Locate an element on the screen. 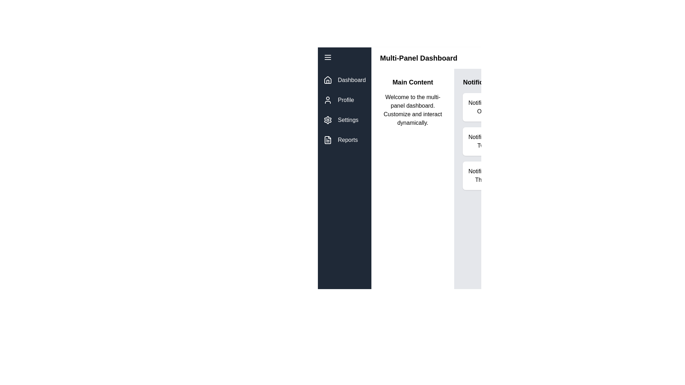 Image resolution: width=685 pixels, height=385 pixels. text displayed on the 'Settings' label, which is a white font on a dark background in the navigation menu, located third from the top is located at coordinates (348, 119).